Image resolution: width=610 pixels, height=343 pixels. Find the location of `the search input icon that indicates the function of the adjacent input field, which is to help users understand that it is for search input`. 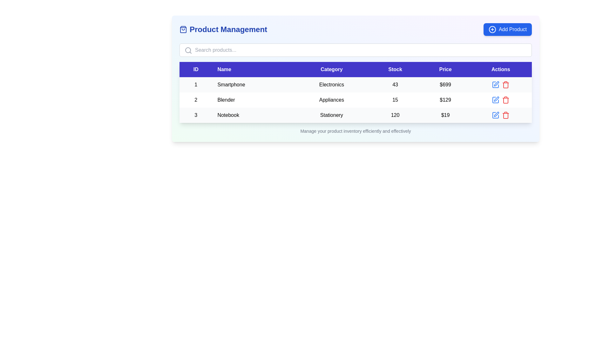

the search input icon that indicates the function of the adjacent input field, which is to help users understand that it is for search input is located at coordinates (188, 50).